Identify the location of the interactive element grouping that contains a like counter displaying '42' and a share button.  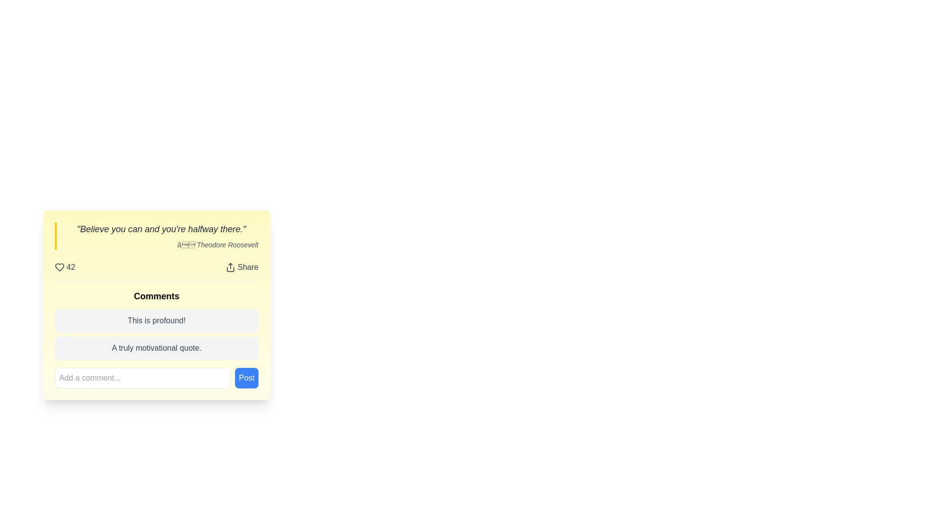
(157, 267).